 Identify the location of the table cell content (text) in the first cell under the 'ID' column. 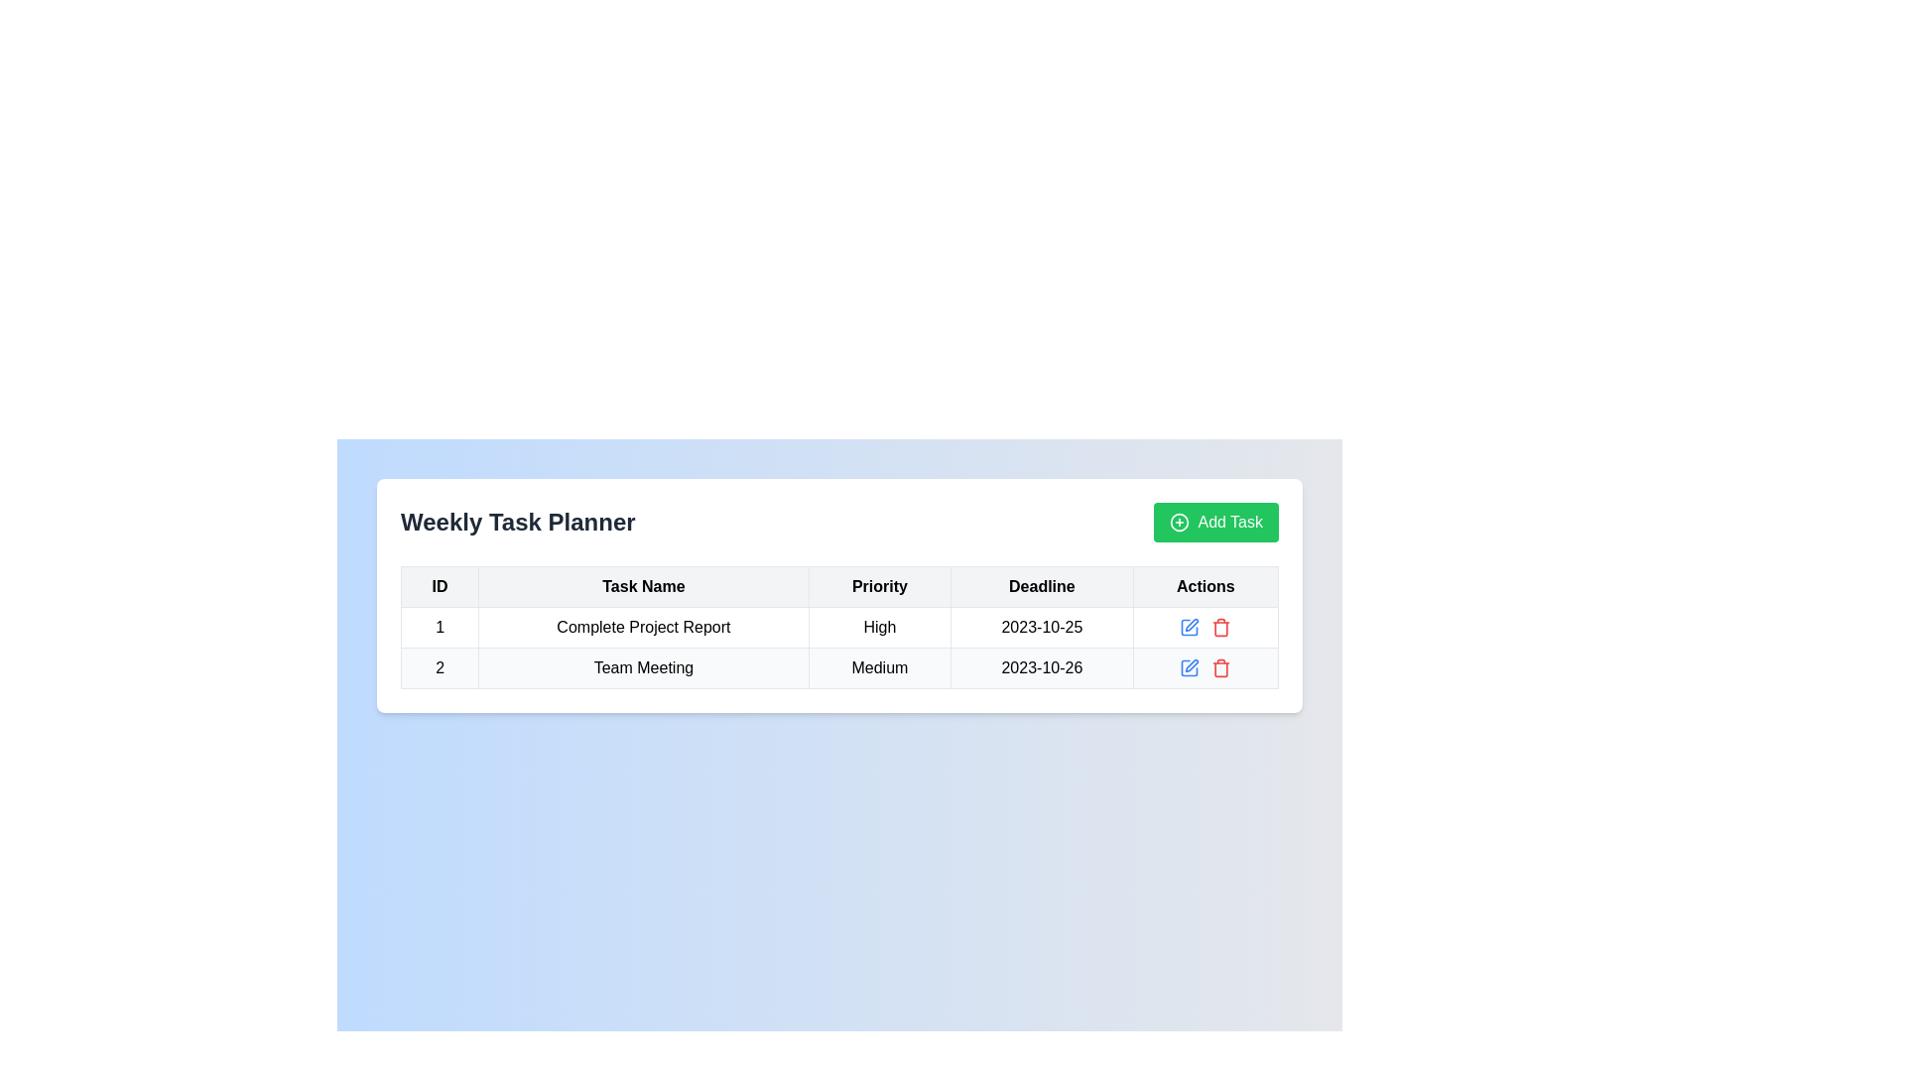
(439, 627).